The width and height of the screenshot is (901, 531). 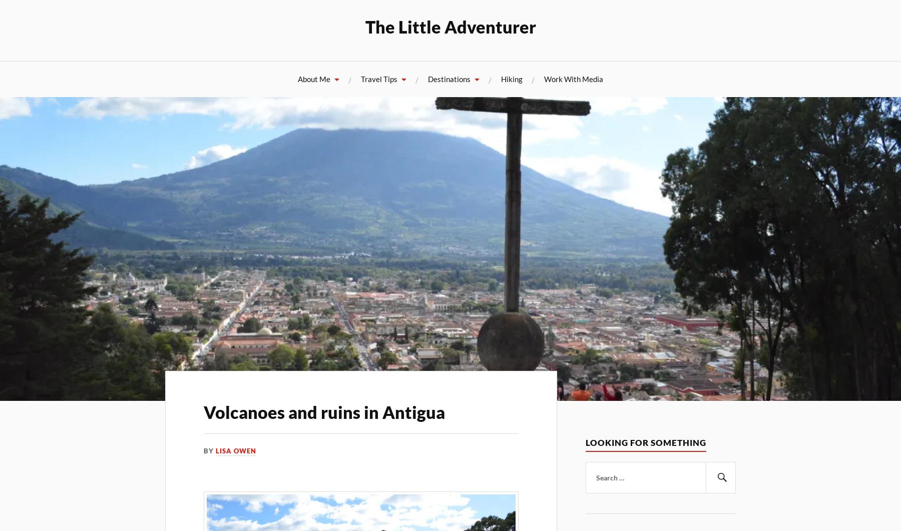 What do you see at coordinates (512, 79) in the screenshot?
I see `'Hiking'` at bounding box center [512, 79].